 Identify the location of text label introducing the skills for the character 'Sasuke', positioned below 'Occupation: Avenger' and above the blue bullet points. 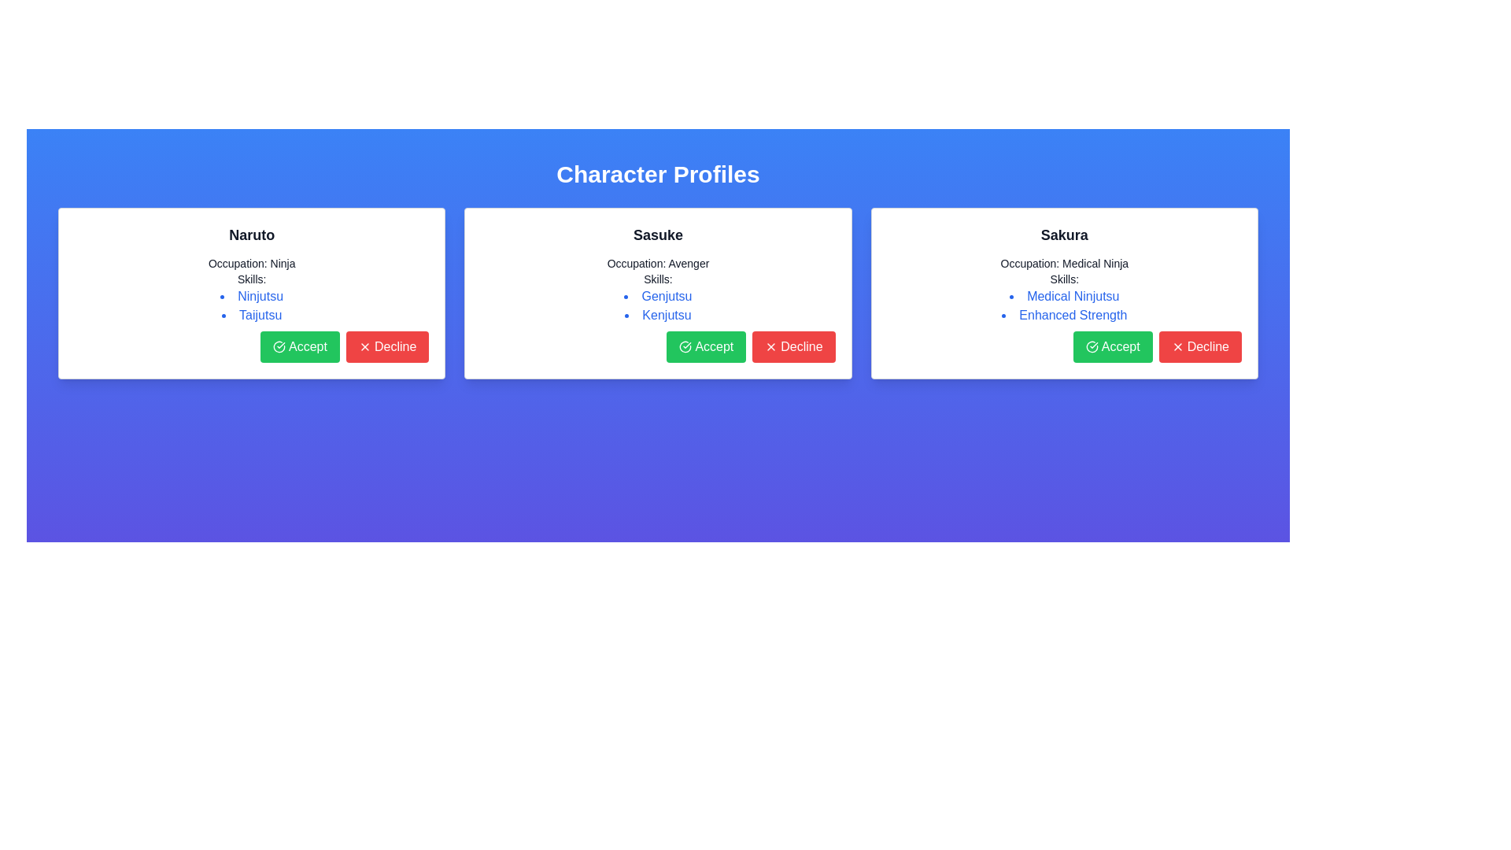
(658, 278).